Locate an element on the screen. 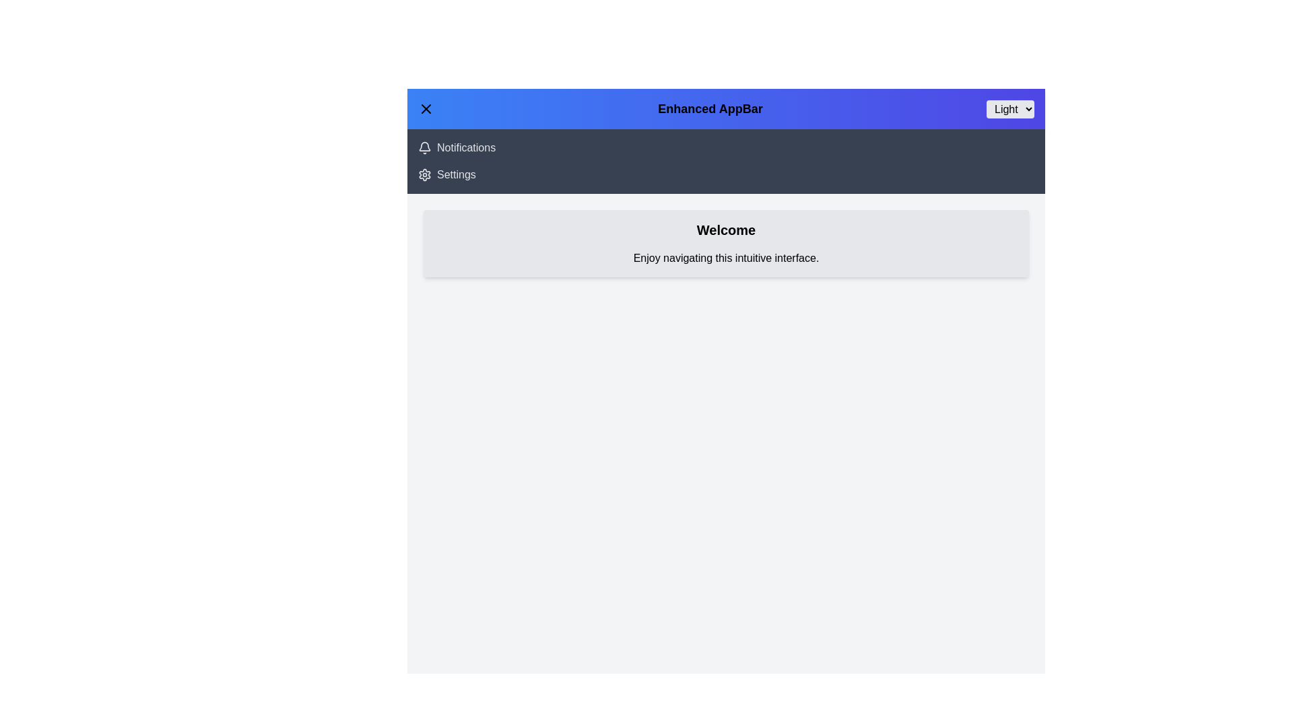  the 'Notifications' navigation link is located at coordinates (466, 147).